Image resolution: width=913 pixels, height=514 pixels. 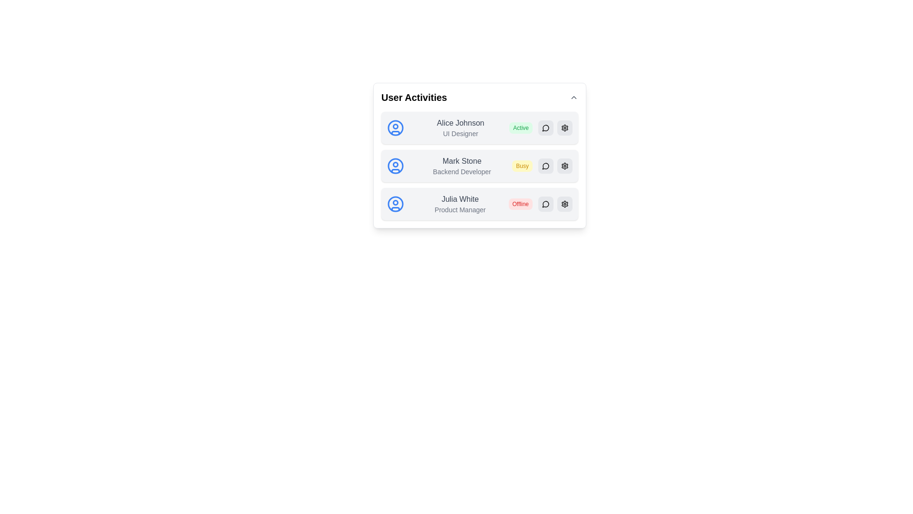 I want to click on the small rounded rectangular button with a gear icon inside, located on the right side of the second row in the 'User Activities' list for 'Mark Stone', to observe the hover effect, so click(x=565, y=165).